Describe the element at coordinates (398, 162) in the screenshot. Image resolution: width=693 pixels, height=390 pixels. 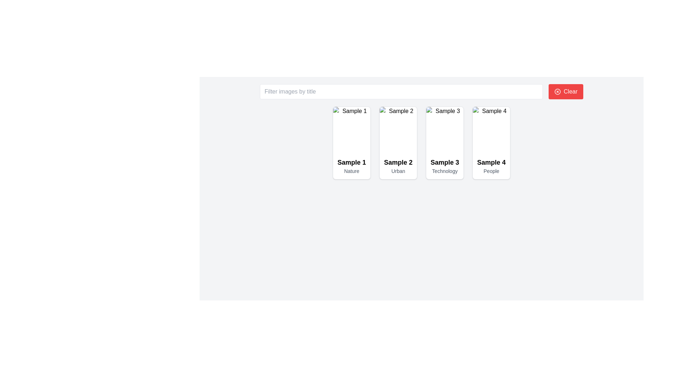
I see `the bold, black text displaying 'Sample 2' located in the second card of a horizontally arranged set of four cards, positioned above the text 'Urban'` at that location.